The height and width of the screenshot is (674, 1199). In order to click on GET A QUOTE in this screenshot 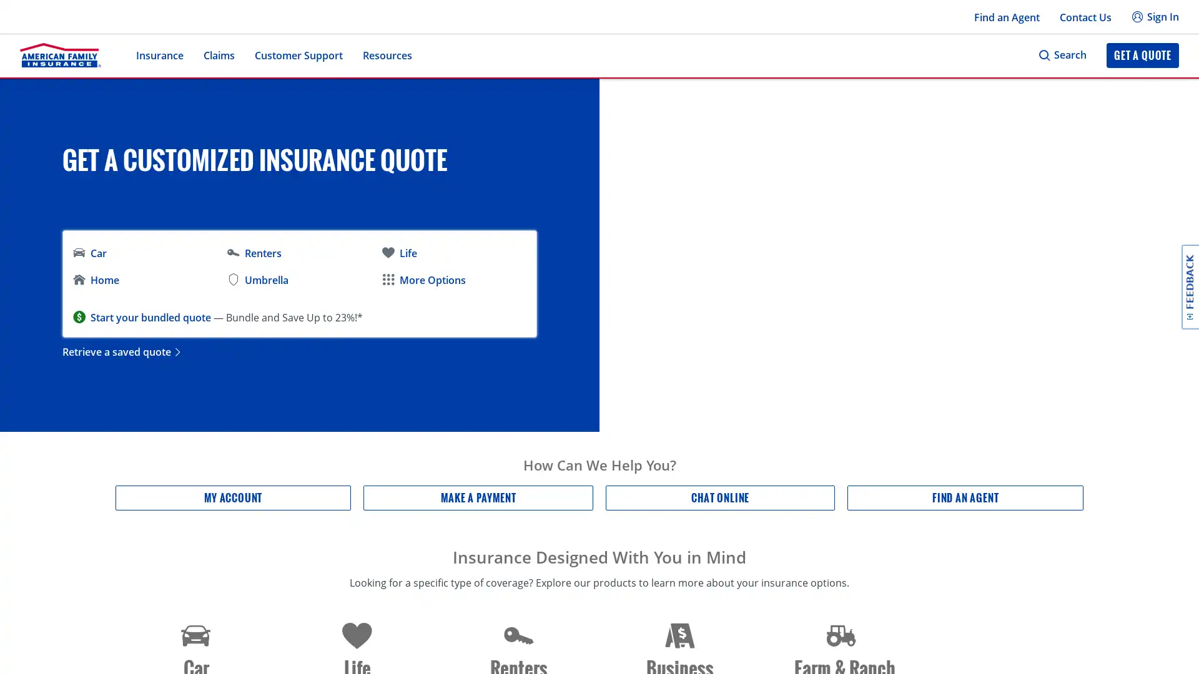, I will do `click(1142, 54)`.